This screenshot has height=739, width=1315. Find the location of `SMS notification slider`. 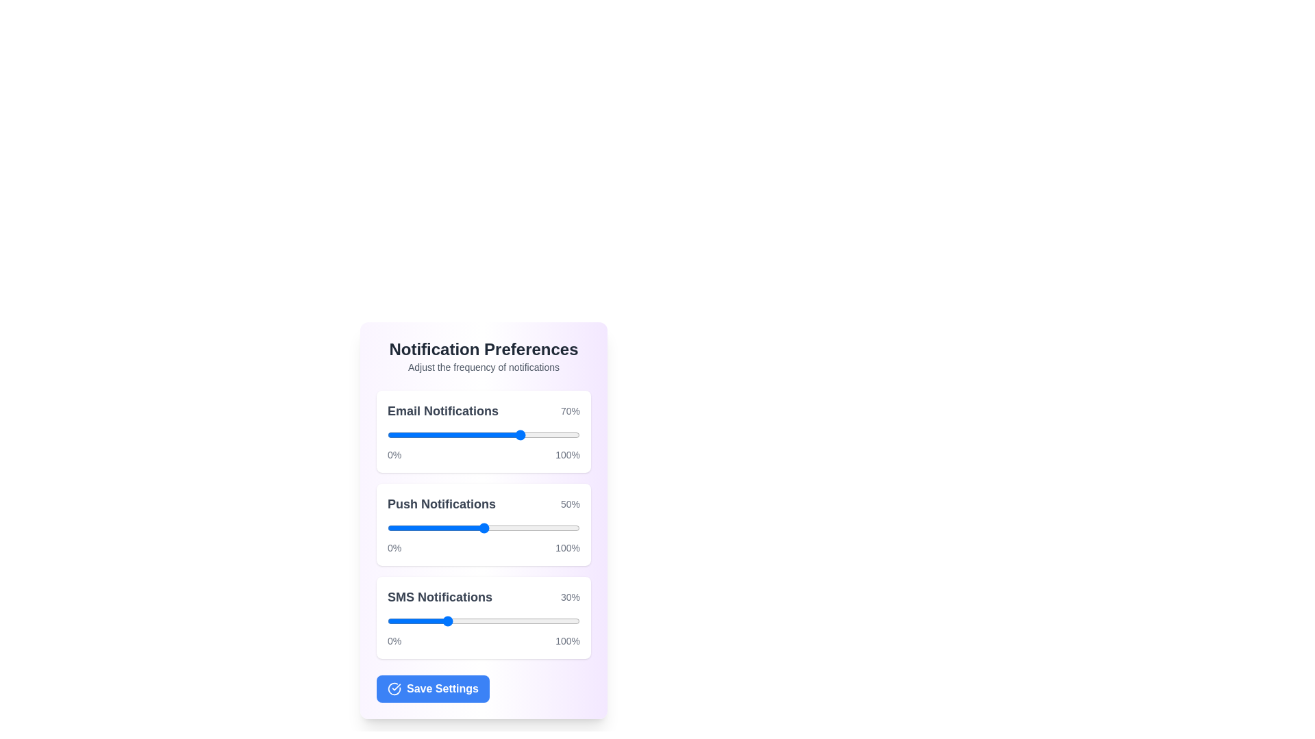

SMS notification slider is located at coordinates (433, 621).